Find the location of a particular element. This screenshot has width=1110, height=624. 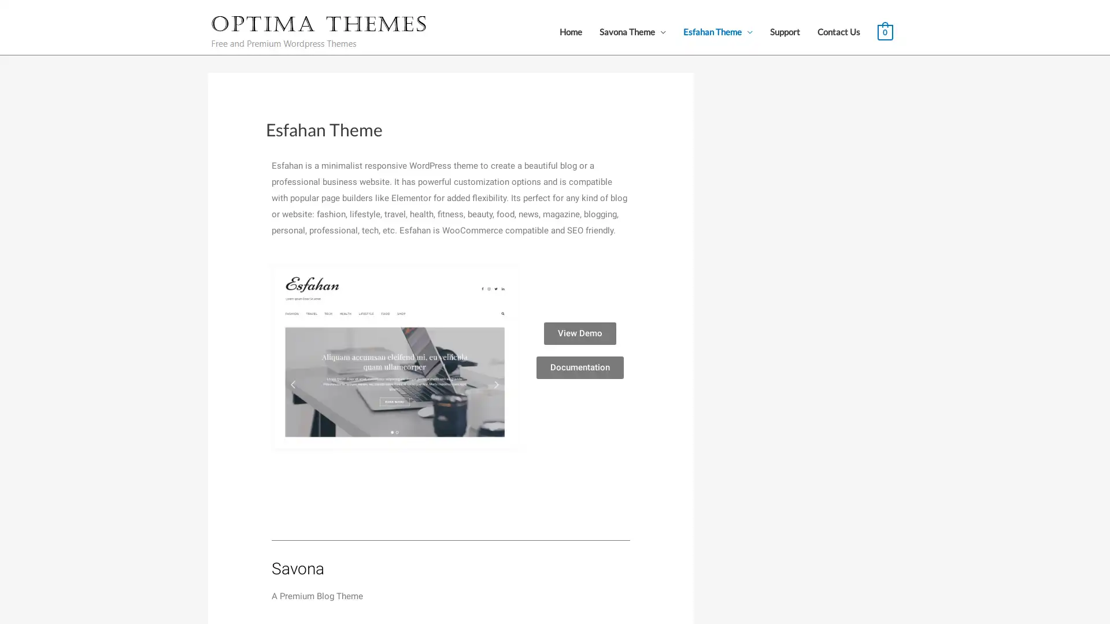

Documentation is located at coordinates (580, 370).